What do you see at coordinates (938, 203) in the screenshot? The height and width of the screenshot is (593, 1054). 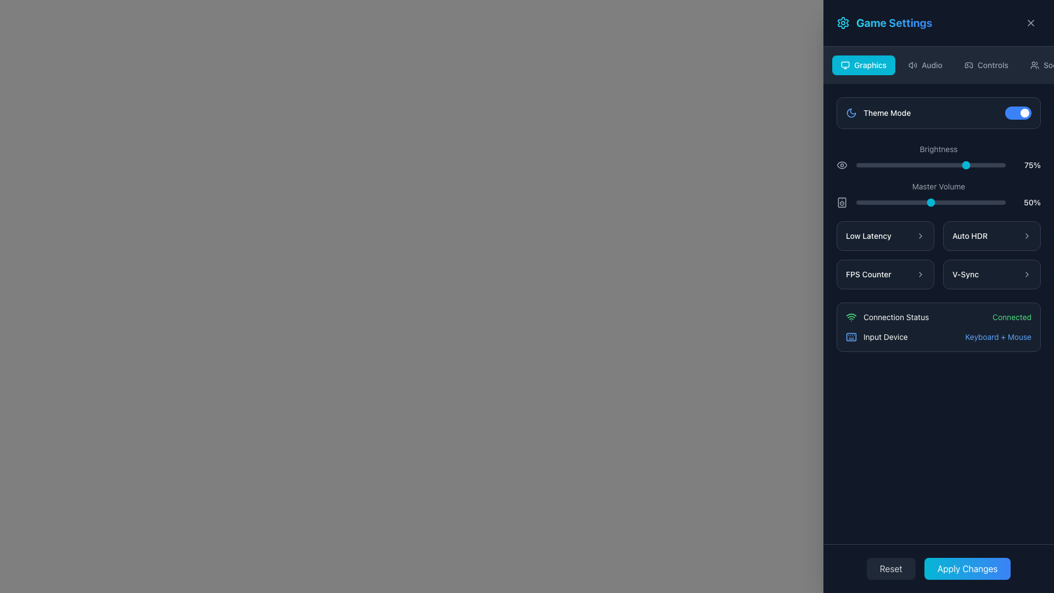 I see `and drag the blue circular handle of the volume slider located in the 'Master Volume' section, indicated by the '50%' label, to adjust the volume level` at bounding box center [938, 203].